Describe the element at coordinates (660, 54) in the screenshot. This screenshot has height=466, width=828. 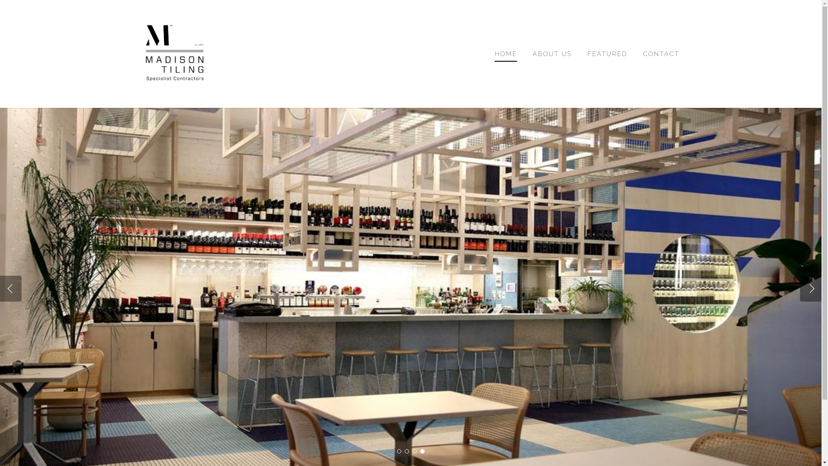
I see `'CONTACT'` at that location.